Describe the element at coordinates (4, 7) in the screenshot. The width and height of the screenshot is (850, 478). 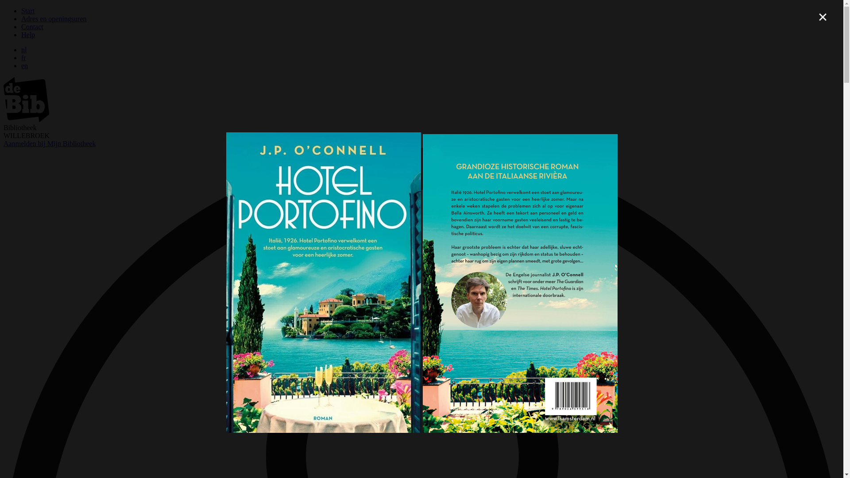
I see `'Overslaan en naar zoeken gaan'` at that location.